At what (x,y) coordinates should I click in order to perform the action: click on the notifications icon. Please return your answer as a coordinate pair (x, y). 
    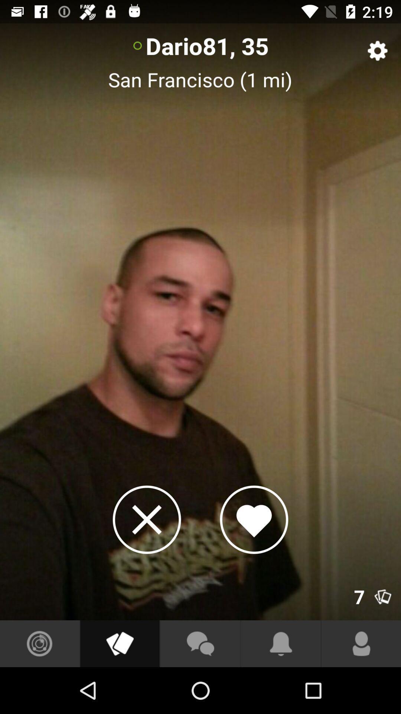
    Looking at the image, I should click on (281, 643).